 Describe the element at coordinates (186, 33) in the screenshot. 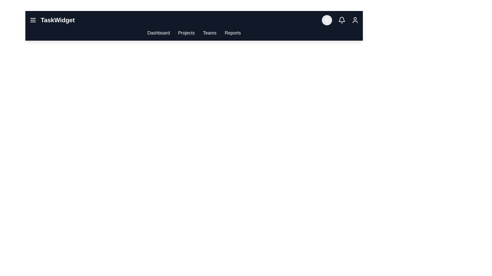

I see `the 'Projects' link in the navigation bar` at that location.